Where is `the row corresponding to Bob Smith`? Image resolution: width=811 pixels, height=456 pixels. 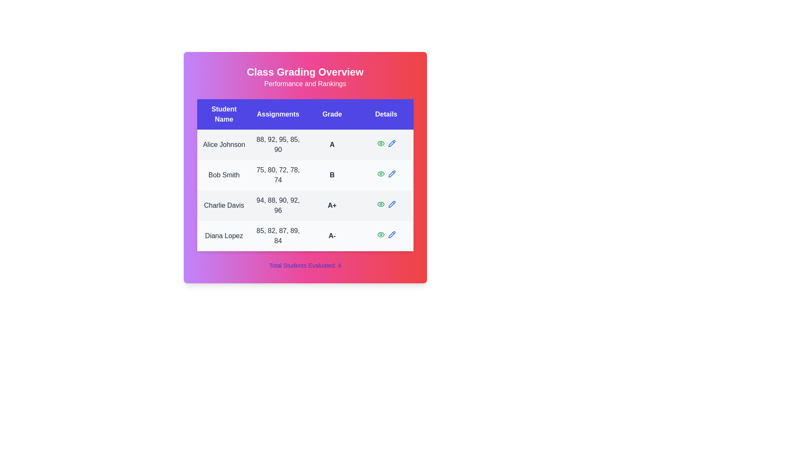
the row corresponding to Bob Smith is located at coordinates (305, 175).